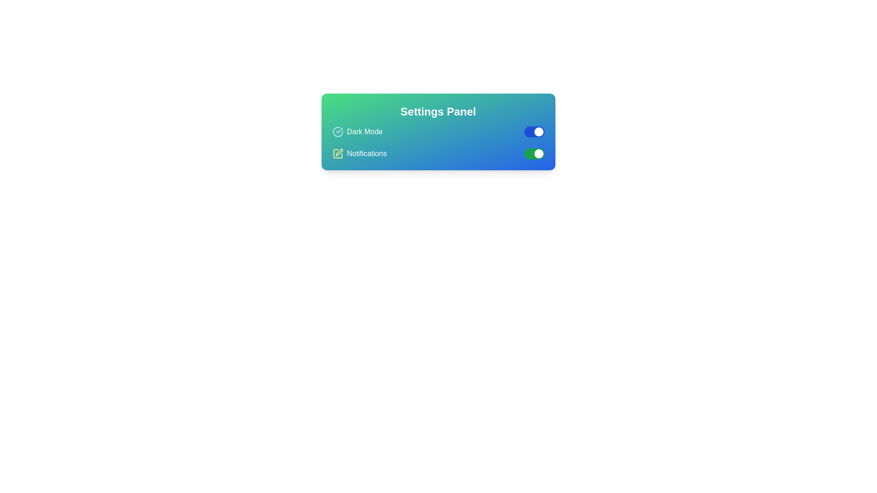  Describe the element at coordinates (534, 132) in the screenshot. I see `the toggle switch styled with a blue background and a white circular knob indicating an 'on' state` at that location.